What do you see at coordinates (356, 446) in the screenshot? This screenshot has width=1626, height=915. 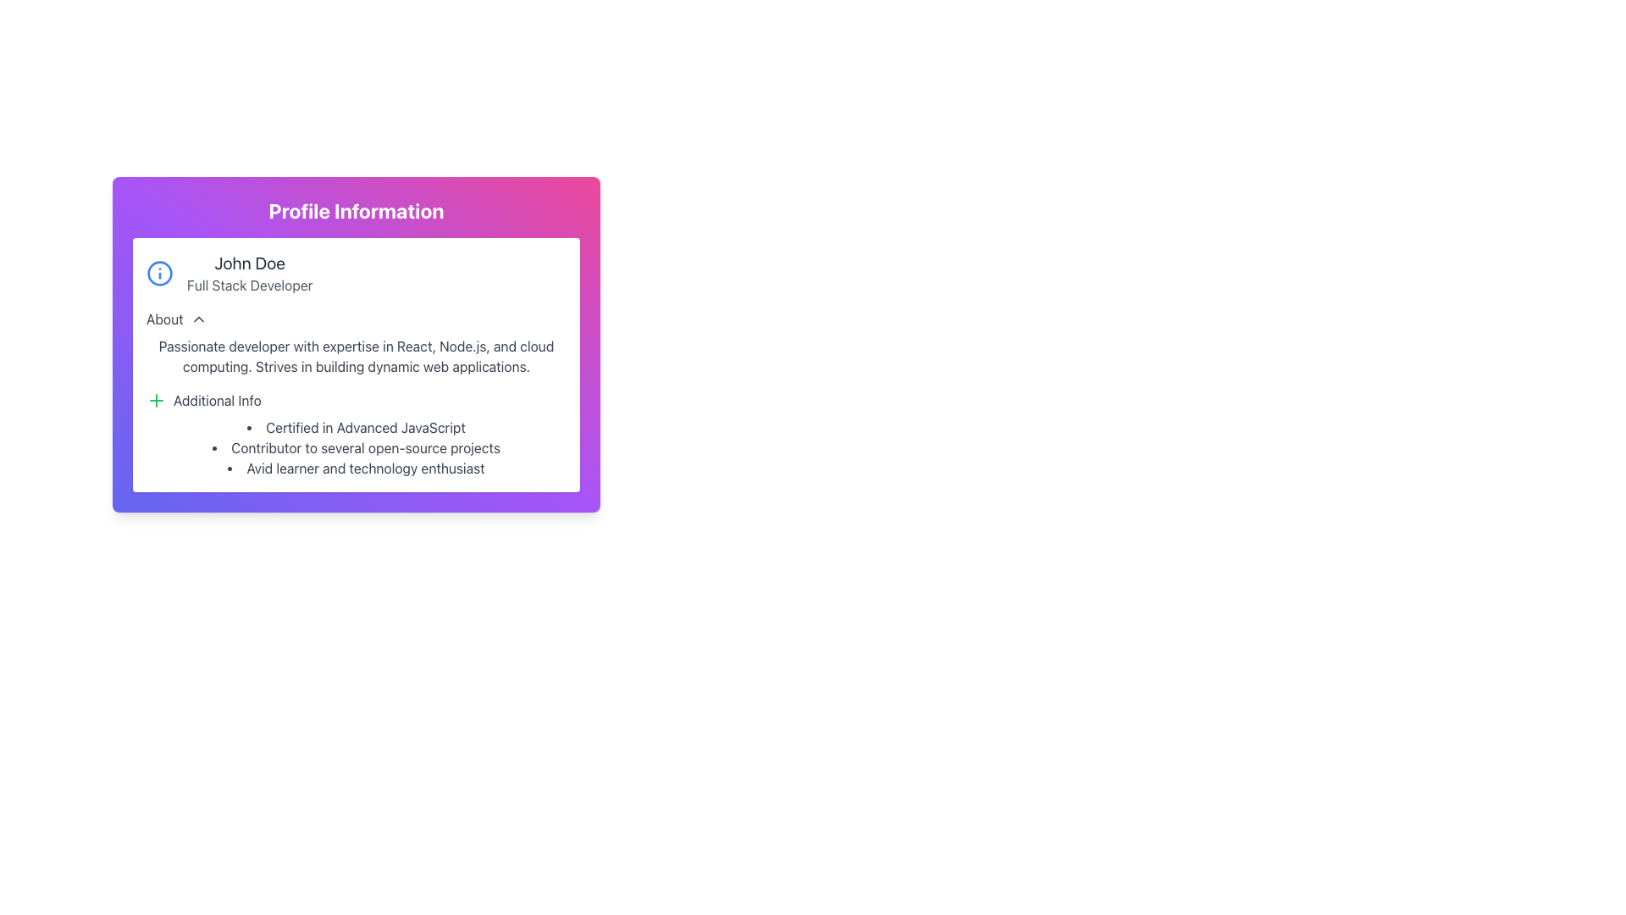 I see `the bulleted list located beneath the 'Additional Info' heading in the profile card, which contains three items styled with a gray font color` at bounding box center [356, 446].